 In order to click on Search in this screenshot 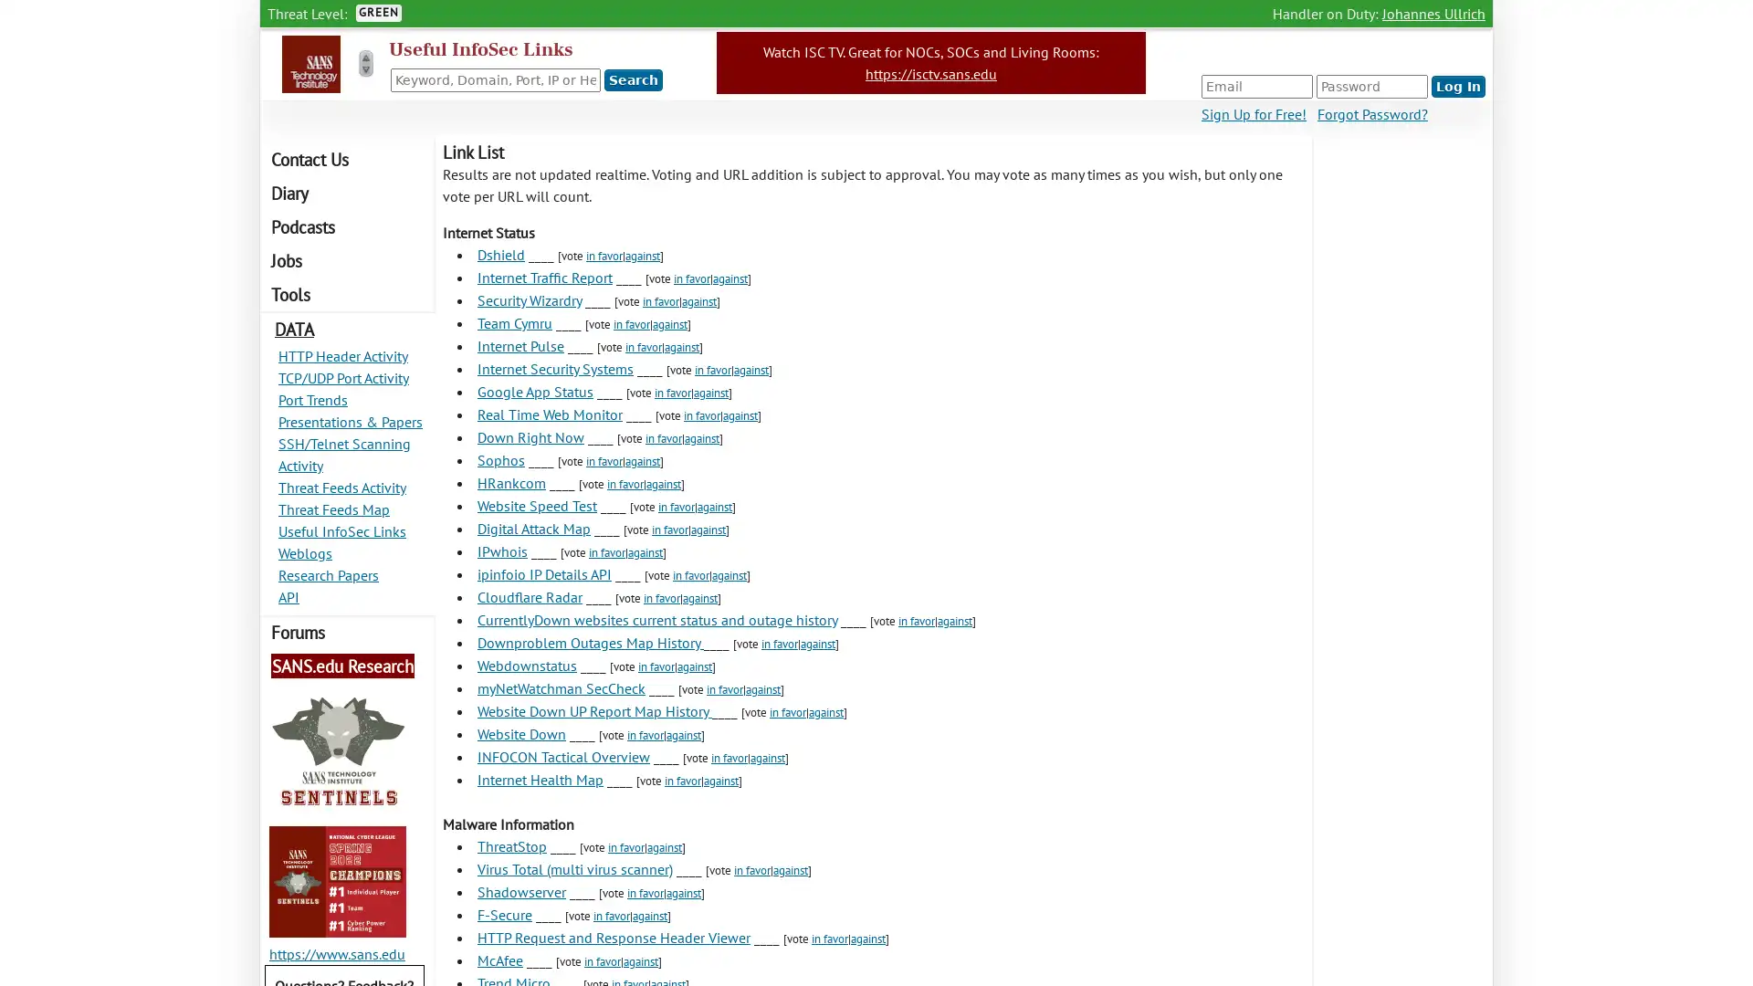, I will do `click(634, 79)`.